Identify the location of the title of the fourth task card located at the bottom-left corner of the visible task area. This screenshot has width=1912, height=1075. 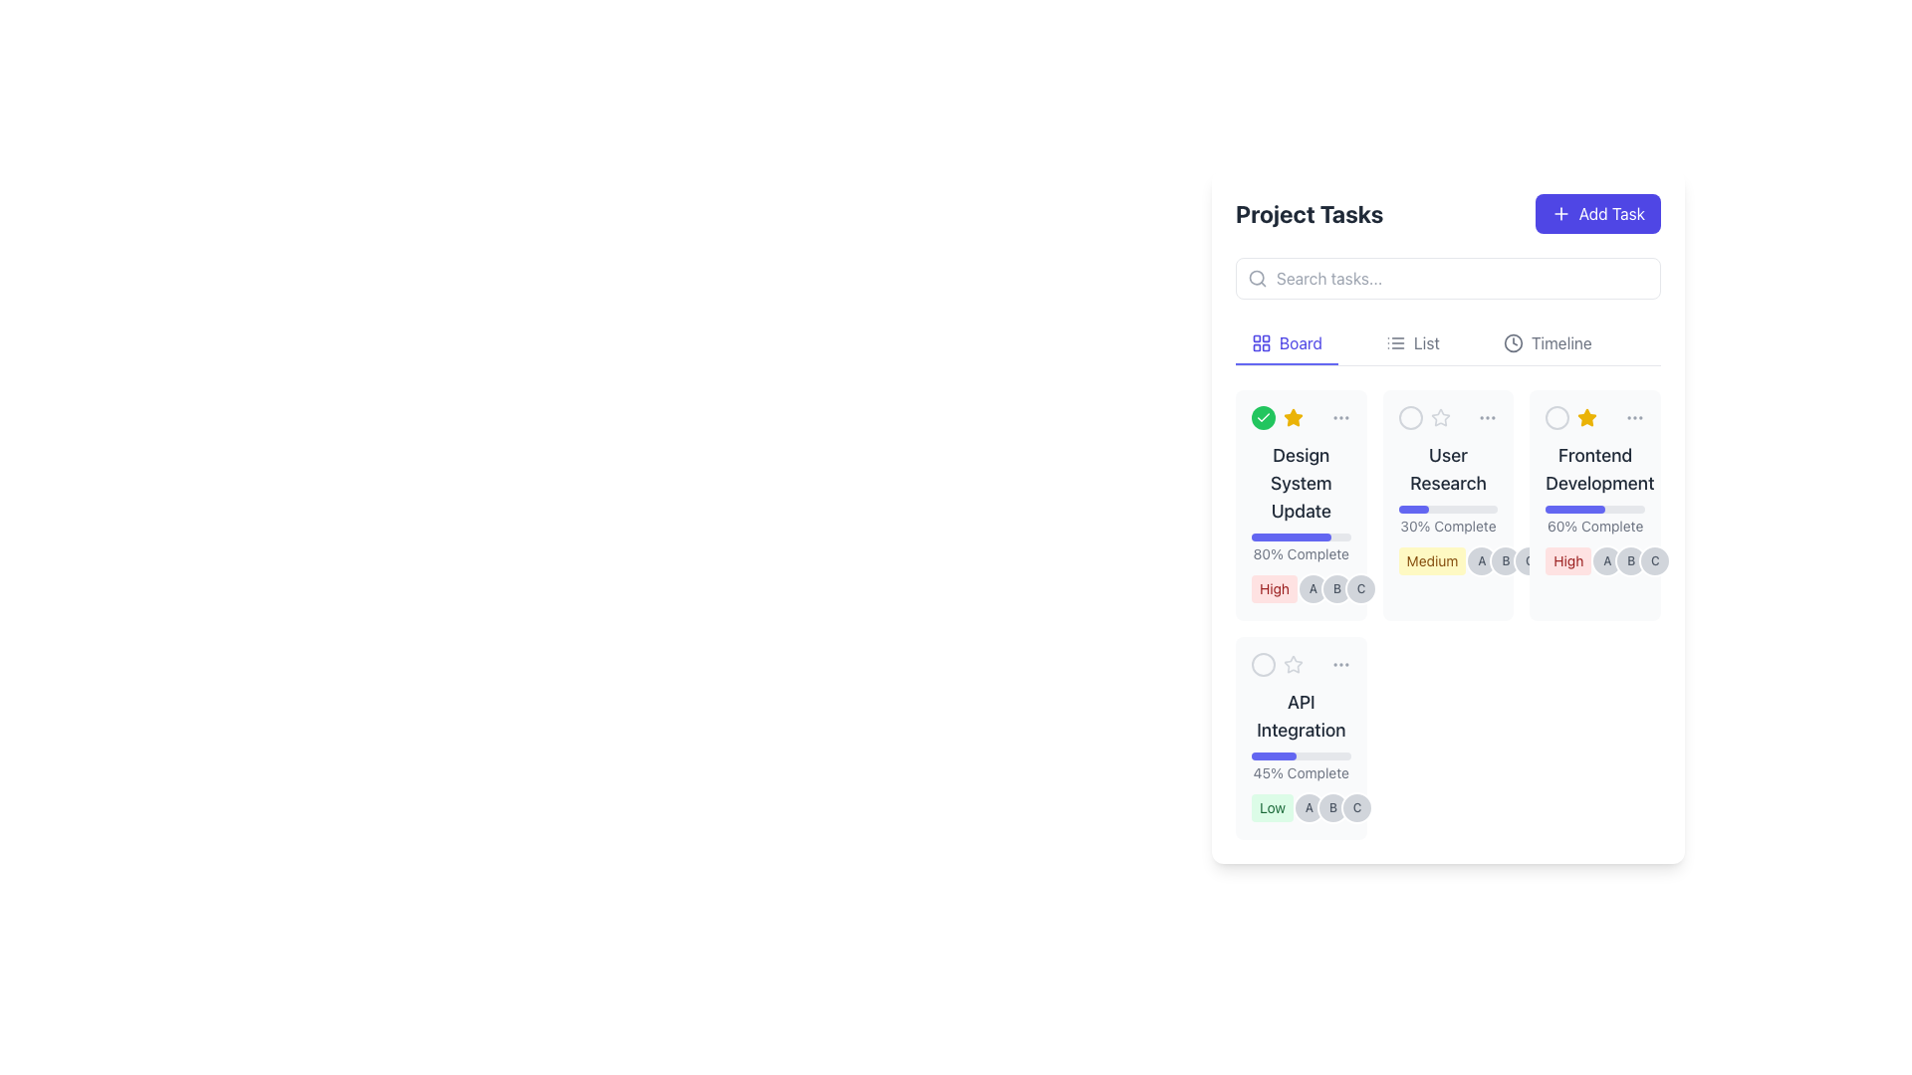
(1301, 738).